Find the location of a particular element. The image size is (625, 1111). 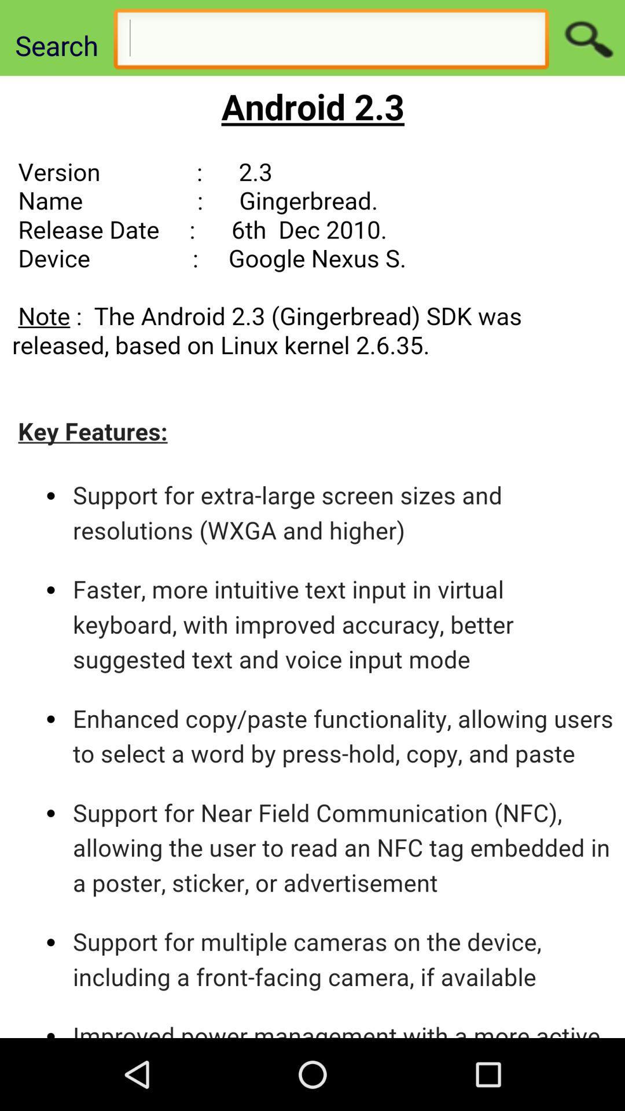

search box is located at coordinates (331, 42).